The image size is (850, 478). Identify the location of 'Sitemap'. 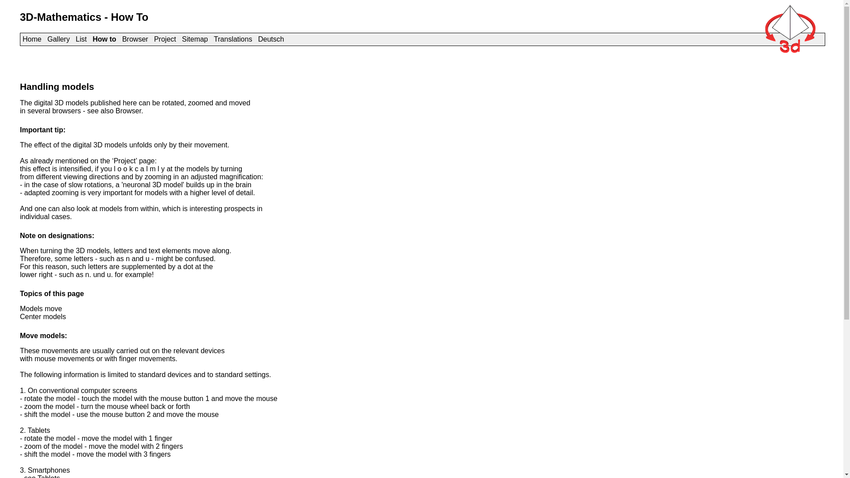
(182, 39).